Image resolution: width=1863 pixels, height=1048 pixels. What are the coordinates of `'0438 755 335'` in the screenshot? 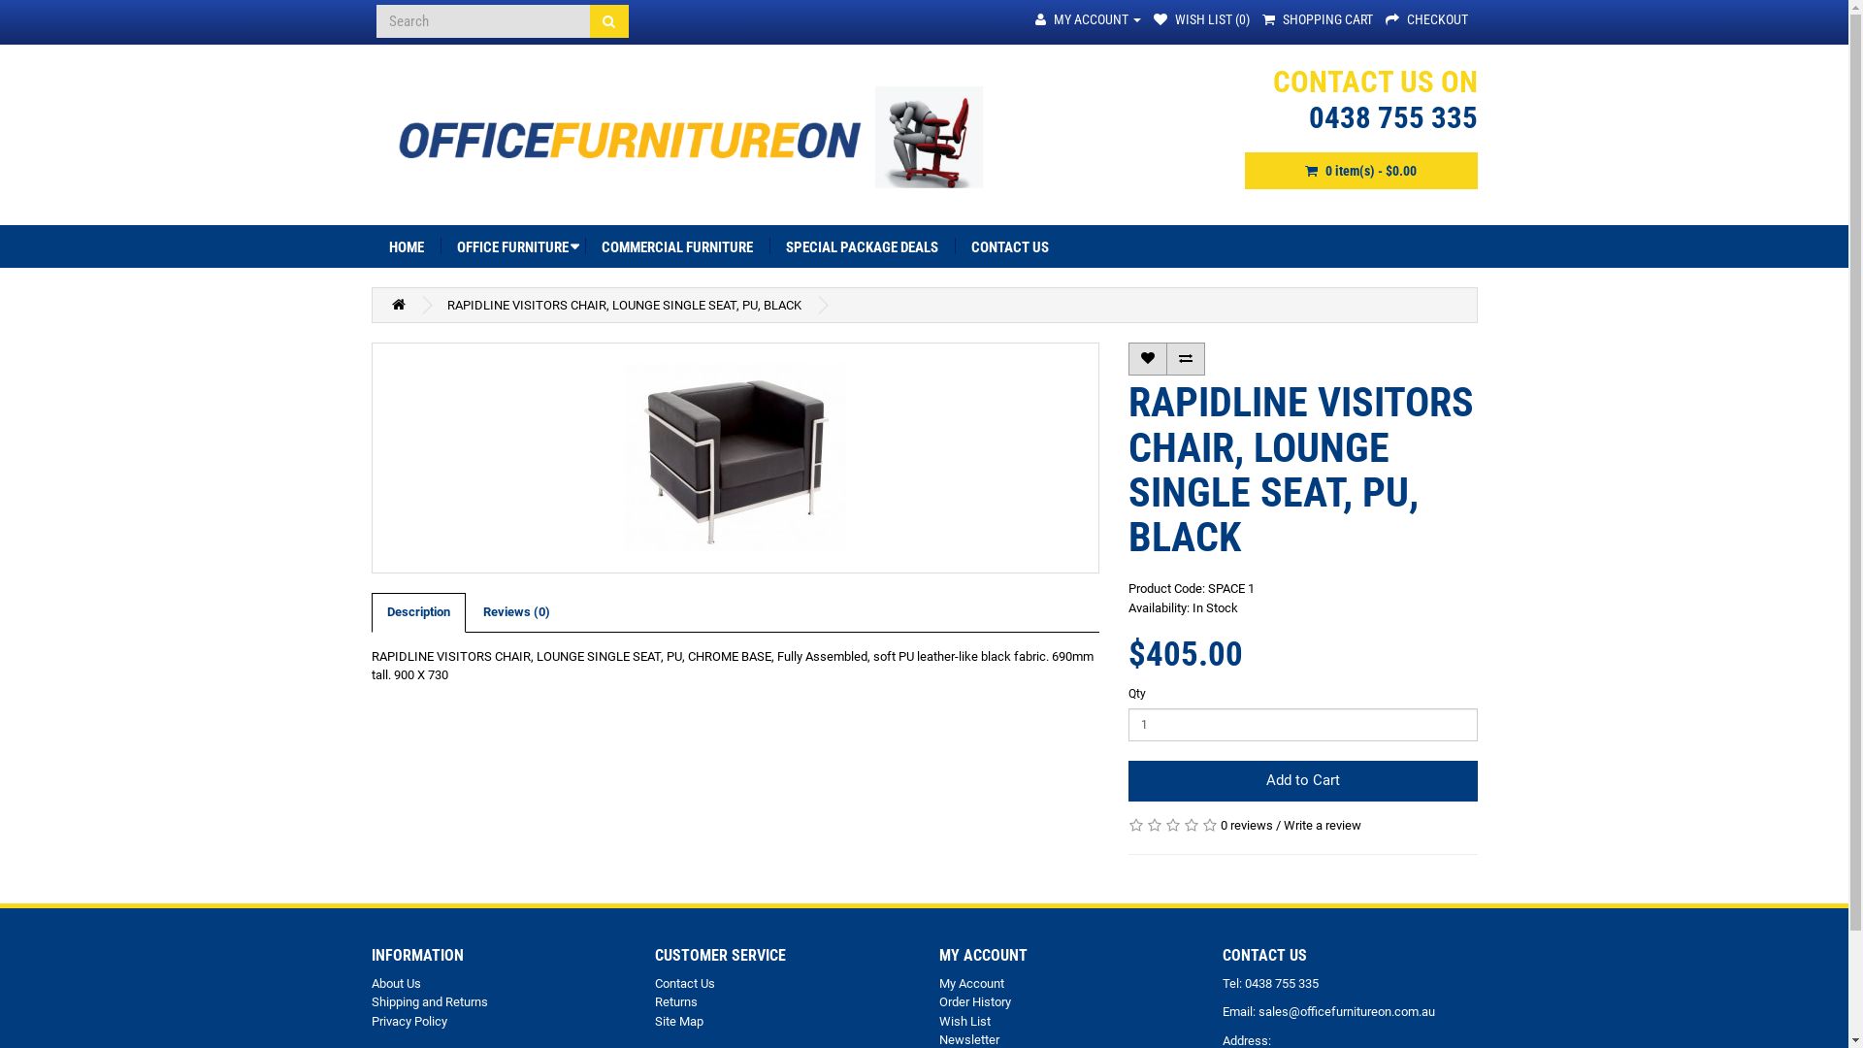 It's located at (1391, 117).